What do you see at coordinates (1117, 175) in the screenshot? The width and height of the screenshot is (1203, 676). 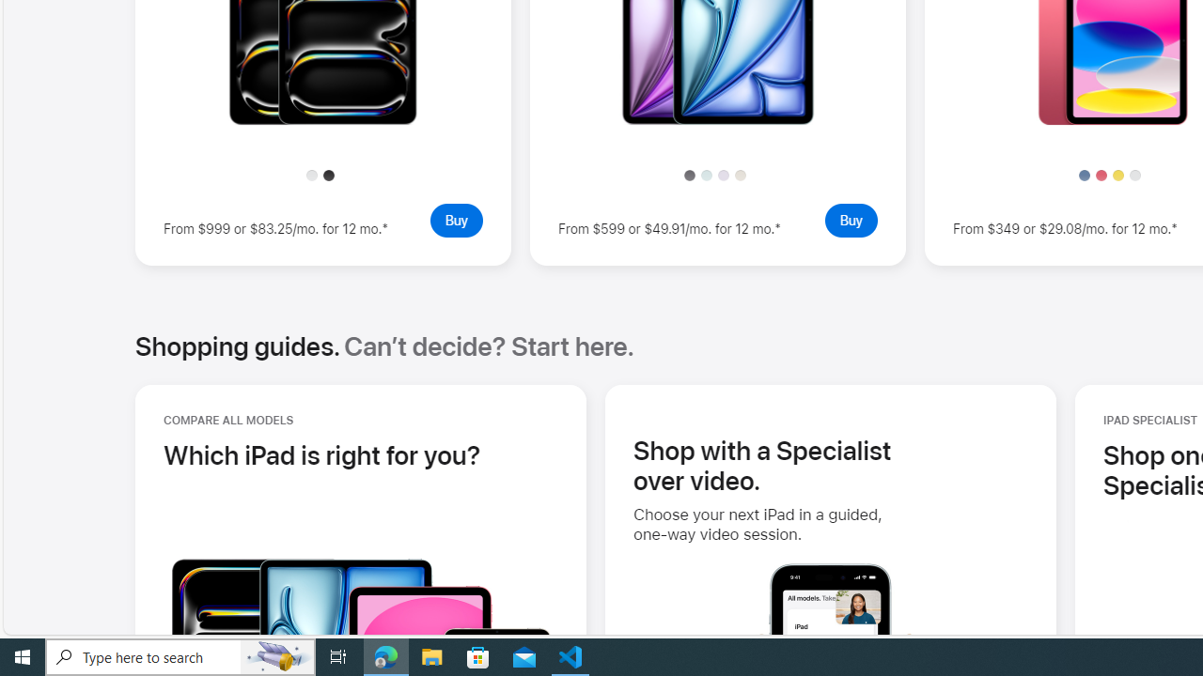 I see `'Yellow'` at bounding box center [1117, 175].